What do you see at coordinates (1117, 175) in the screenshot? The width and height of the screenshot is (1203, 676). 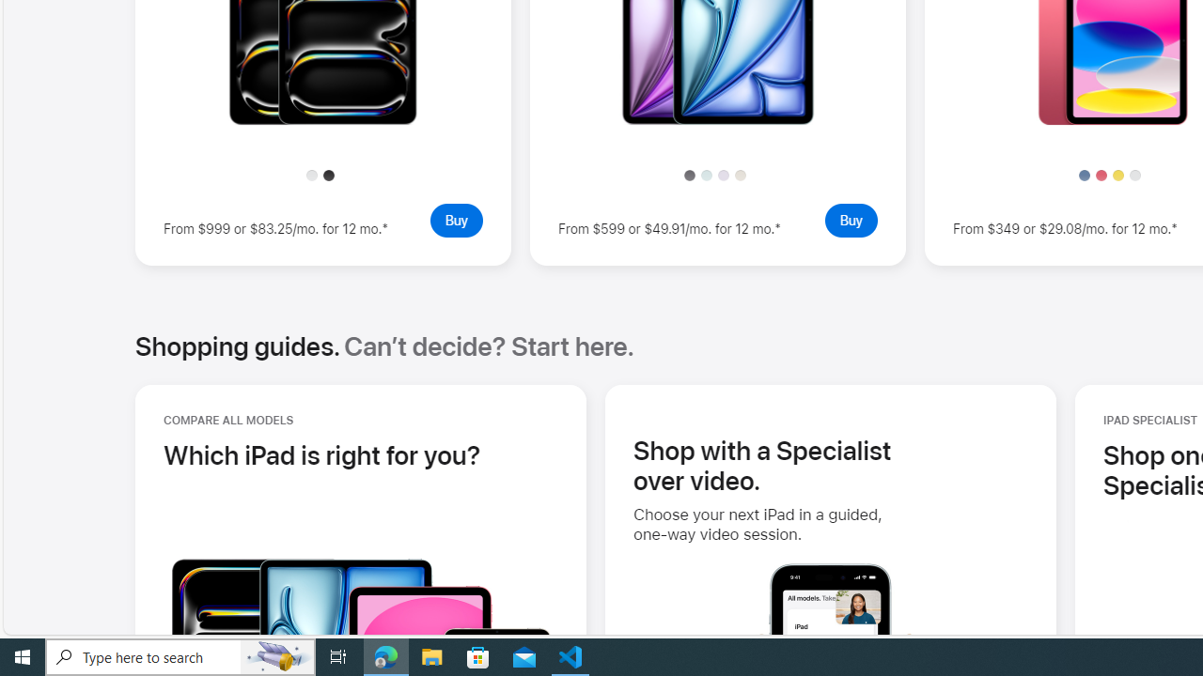 I see `'Yellow'` at bounding box center [1117, 175].